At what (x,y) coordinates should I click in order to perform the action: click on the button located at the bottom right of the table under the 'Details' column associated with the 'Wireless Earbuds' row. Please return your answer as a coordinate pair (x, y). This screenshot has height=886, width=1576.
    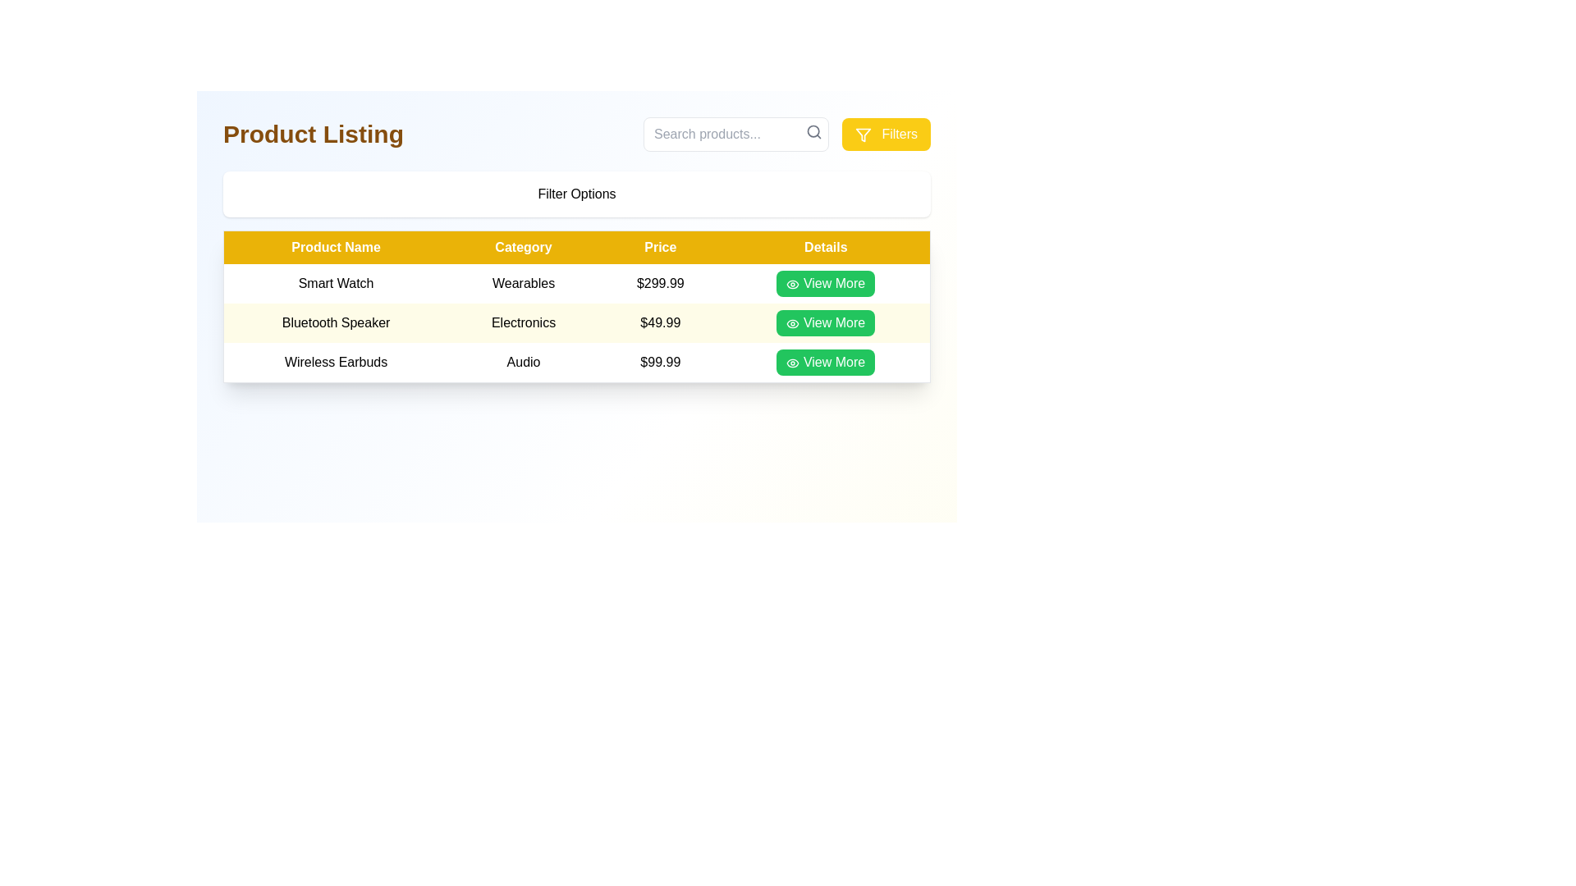
    Looking at the image, I should click on (826, 362).